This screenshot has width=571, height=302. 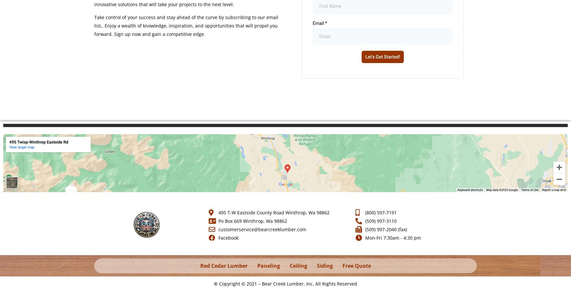 What do you see at coordinates (252, 220) in the screenshot?
I see `'Po Box 669 Winthrop, Wa 98862'` at bounding box center [252, 220].